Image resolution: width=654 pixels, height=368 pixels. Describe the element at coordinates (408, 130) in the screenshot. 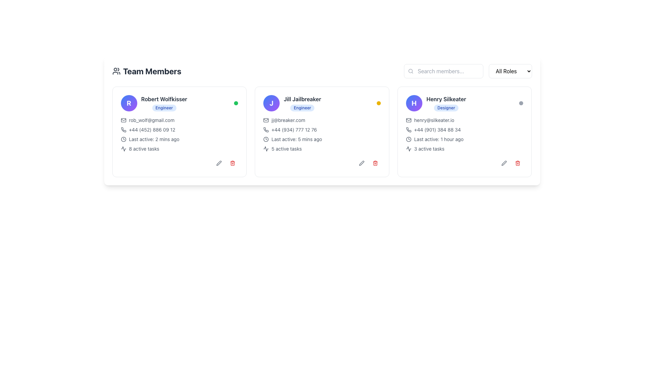

I see `the phone number icon in the contact card of 'Henry Silkeater', which is adjacent to the phone number '+44 (901) 384 88 34'` at that location.